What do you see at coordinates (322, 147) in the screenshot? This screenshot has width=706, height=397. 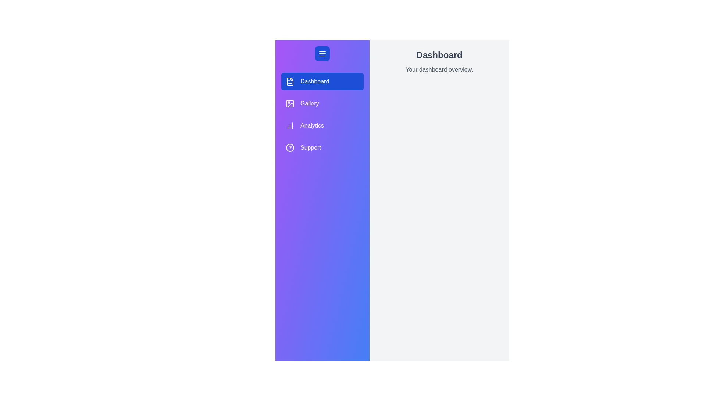 I see `the menu item labeled 'Support' to highlight it` at bounding box center [322, 147].